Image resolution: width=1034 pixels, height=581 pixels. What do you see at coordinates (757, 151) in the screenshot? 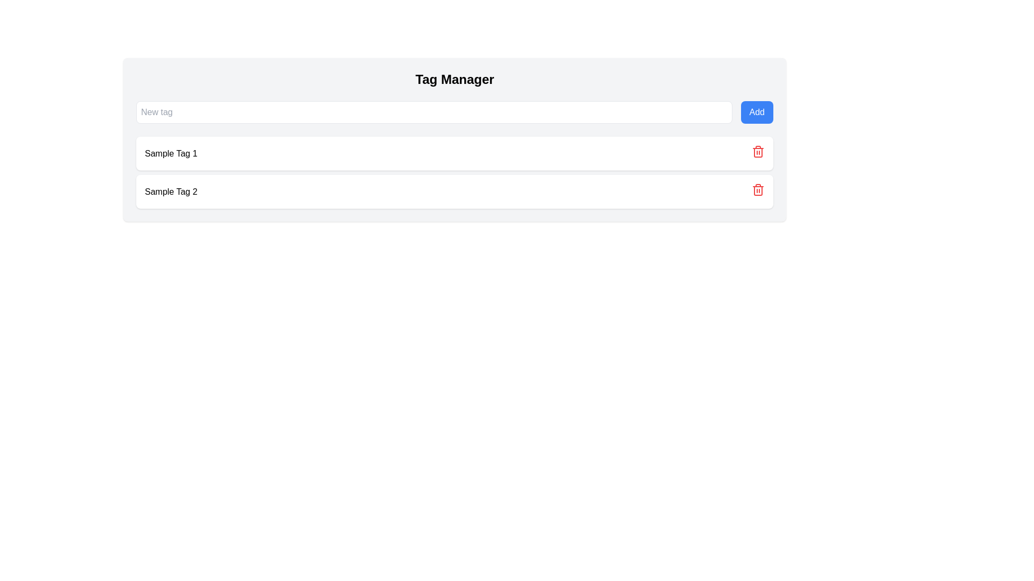
I see `the red trash can-shaped icon button located in the second row of the tag list` at bounding box center [757, 151].